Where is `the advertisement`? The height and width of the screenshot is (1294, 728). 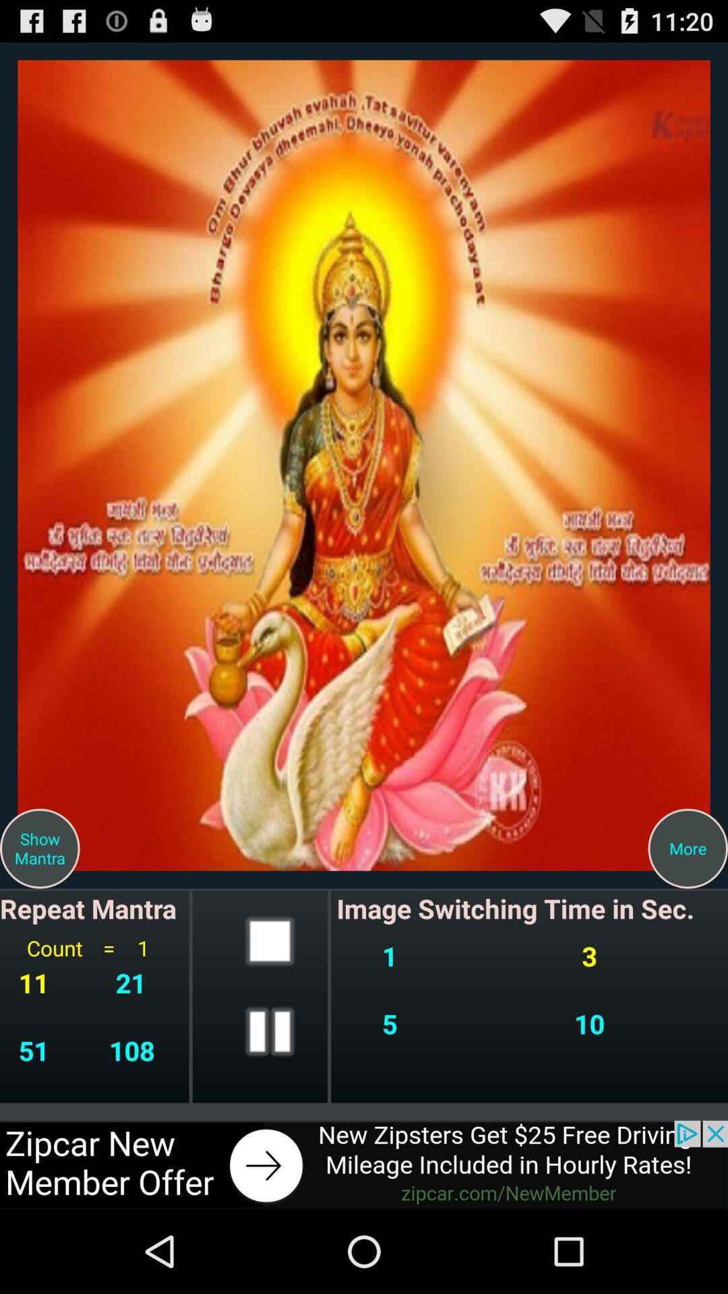 the advertisement is located at coordinates (364, 1164).